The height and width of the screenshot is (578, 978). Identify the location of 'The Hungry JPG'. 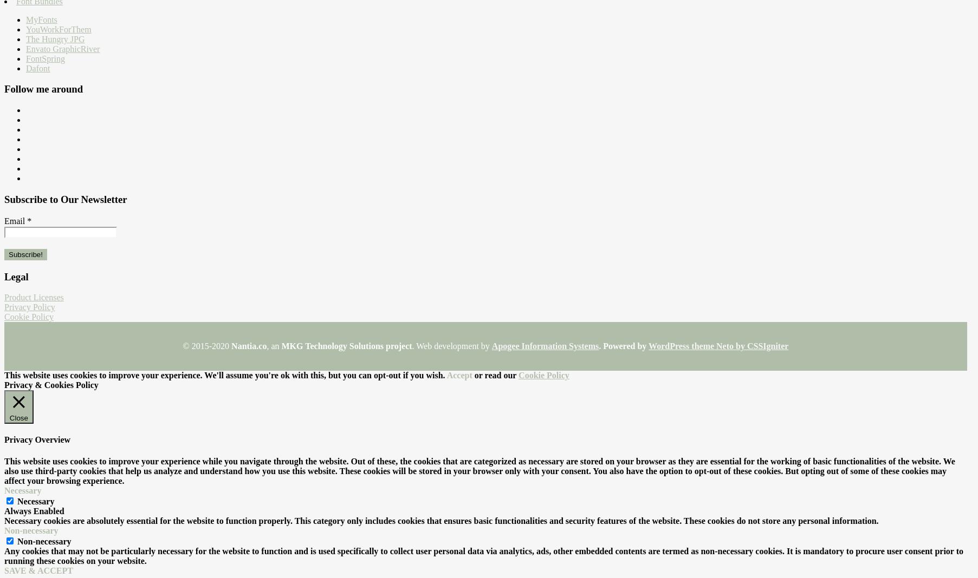
(55, 38).